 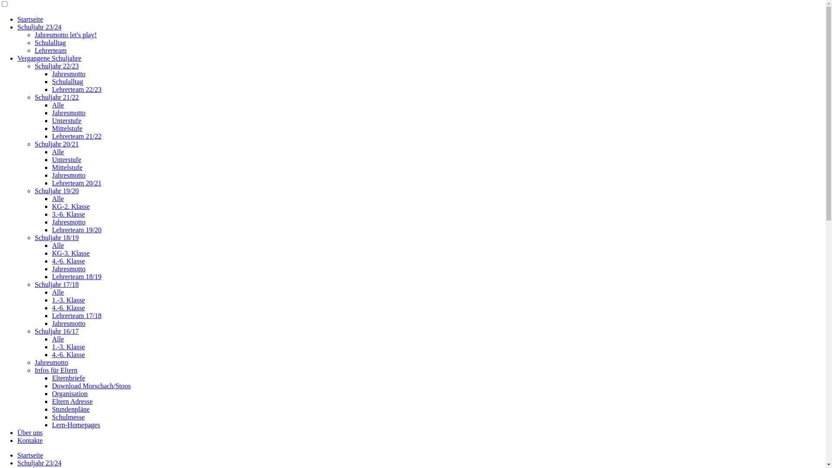 What do you see at coordinates (35, 190) in the screenshot?
I see `'Schuljahr 19/20'` at bounding box center [35, 190].